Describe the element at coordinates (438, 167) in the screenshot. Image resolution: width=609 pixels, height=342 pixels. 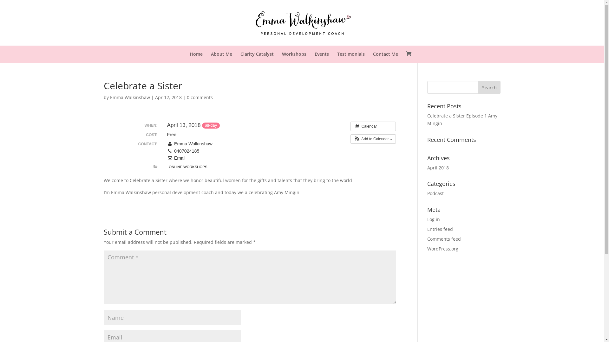
I see `'April 2018'` at that location.